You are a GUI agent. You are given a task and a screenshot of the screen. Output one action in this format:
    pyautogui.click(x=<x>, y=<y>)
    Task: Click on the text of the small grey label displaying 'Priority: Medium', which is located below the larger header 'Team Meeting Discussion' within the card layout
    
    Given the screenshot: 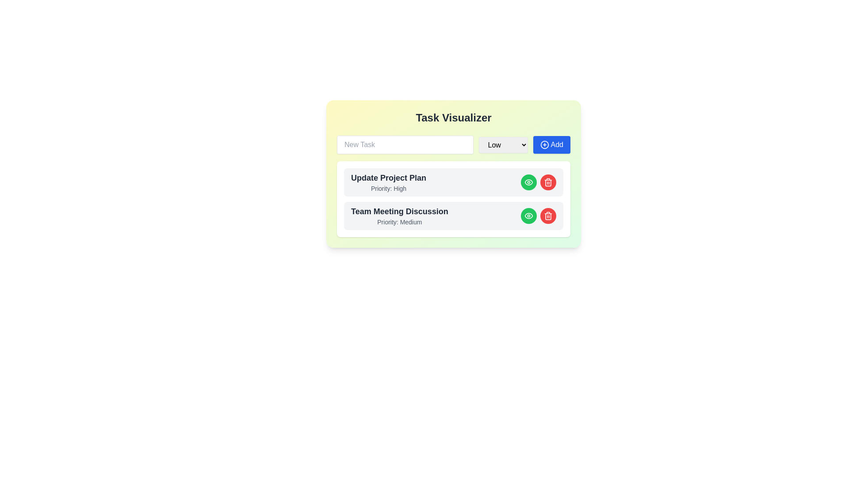 What is the action you would take?
    pyautogui.click(x=399, y=221)
    